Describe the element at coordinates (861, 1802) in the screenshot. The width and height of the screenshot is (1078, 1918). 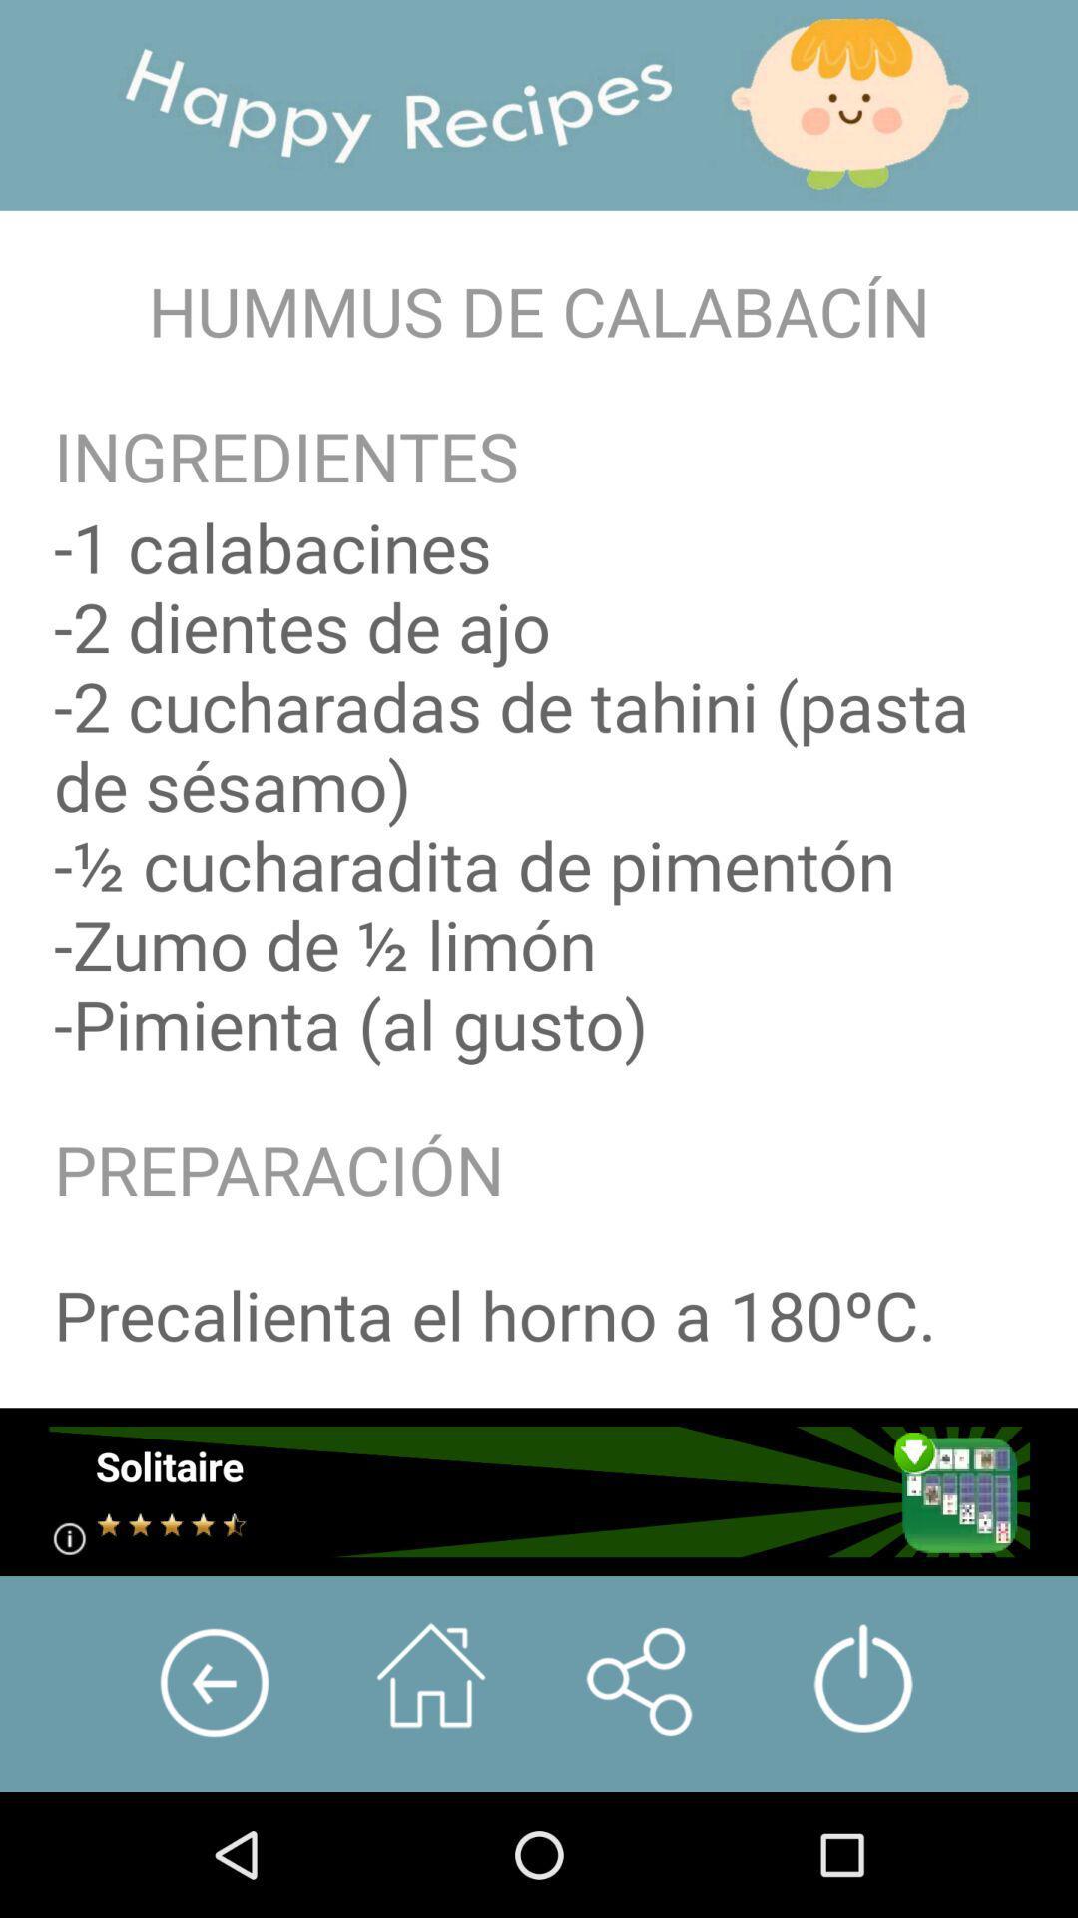
I see `the power icon` at that location.